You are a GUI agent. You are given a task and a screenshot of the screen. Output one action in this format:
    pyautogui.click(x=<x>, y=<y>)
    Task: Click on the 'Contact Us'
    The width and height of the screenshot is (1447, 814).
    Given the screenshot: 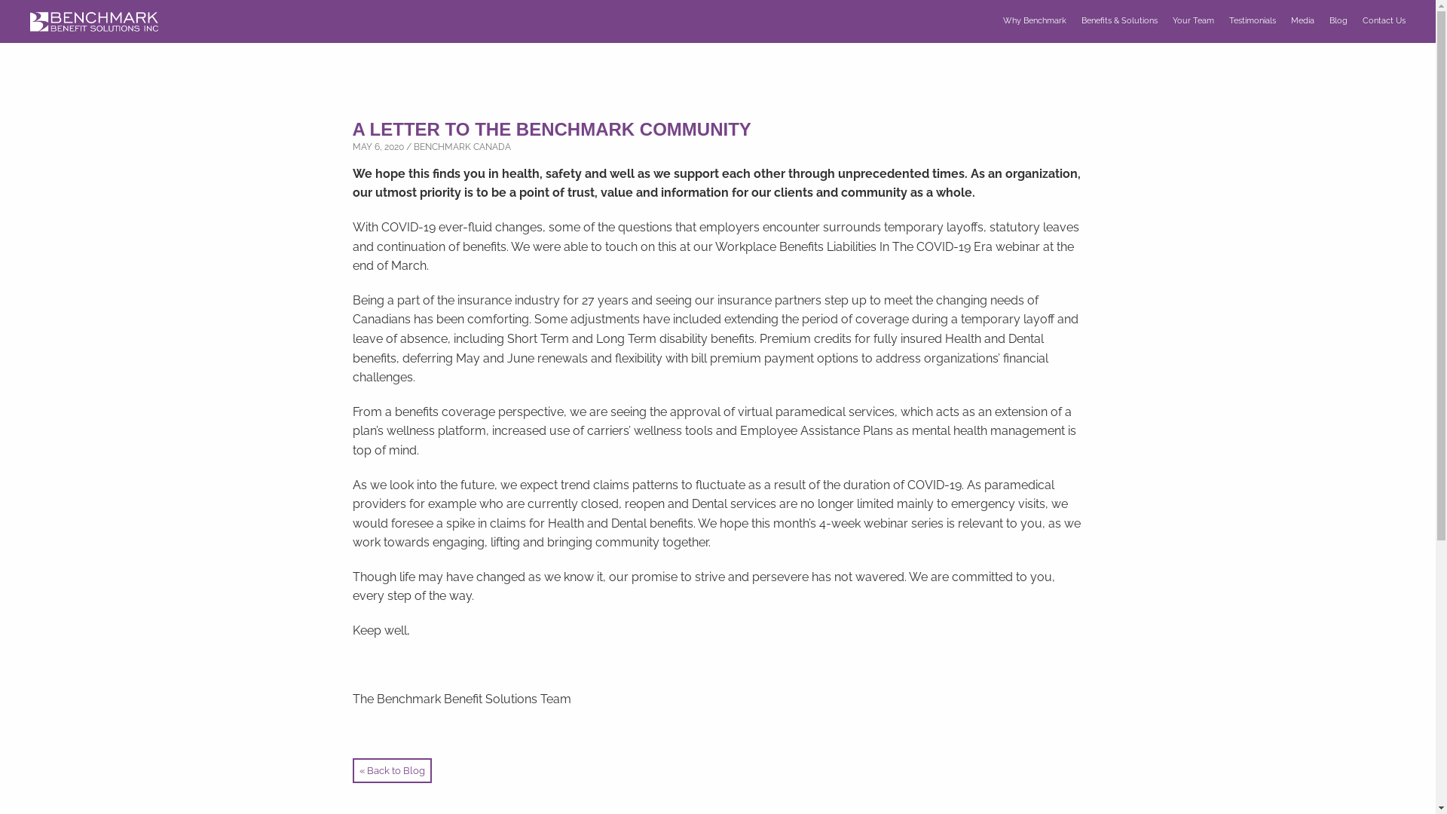 What is the action you would take?
    pyautogui.click(x=1384, y=20)
    